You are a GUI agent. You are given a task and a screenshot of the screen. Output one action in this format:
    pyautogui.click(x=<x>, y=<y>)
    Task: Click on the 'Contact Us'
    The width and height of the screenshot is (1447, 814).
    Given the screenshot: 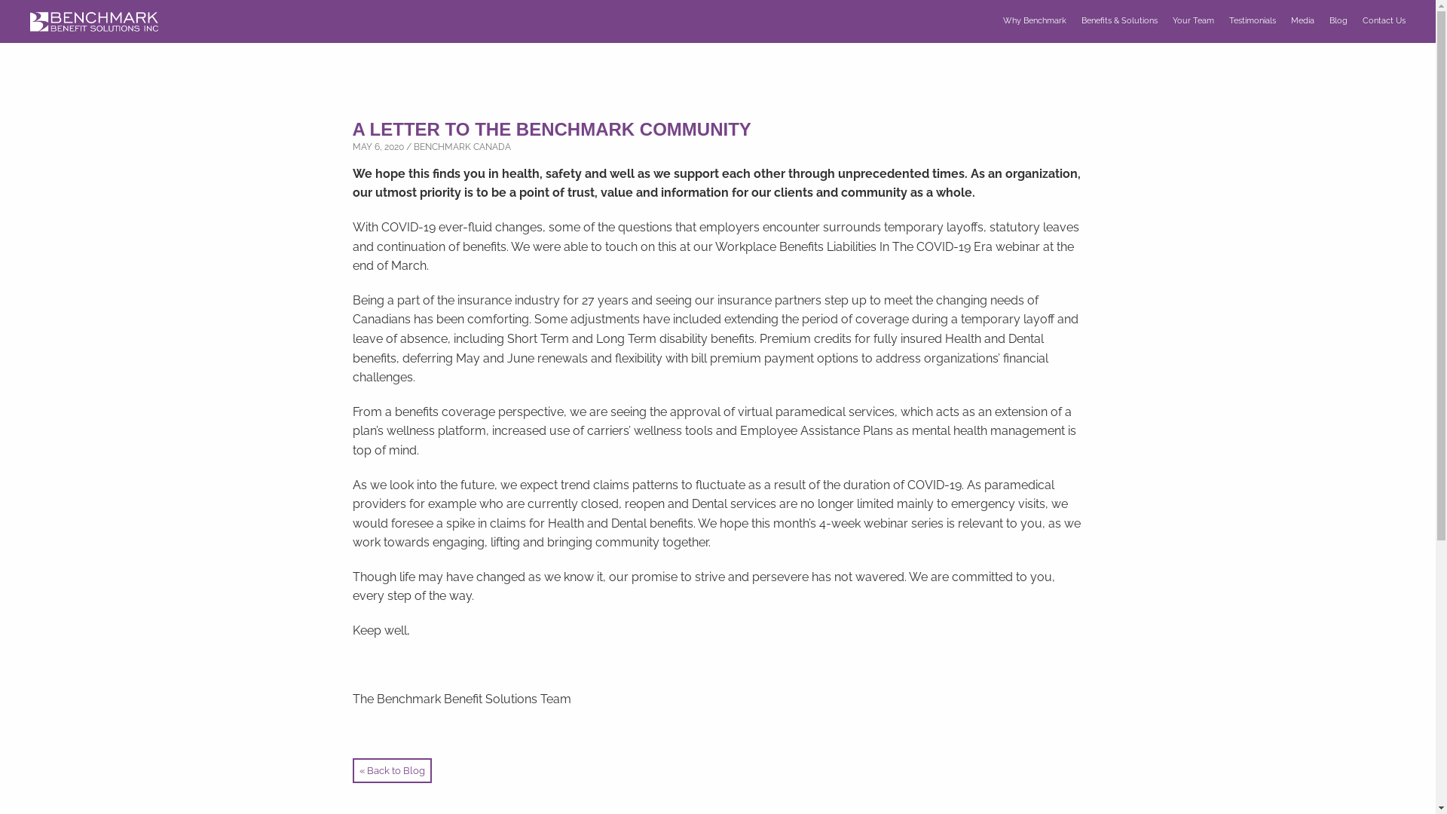 What is the action you would take?
    pyautogui.click(x=1384, y=20)
    